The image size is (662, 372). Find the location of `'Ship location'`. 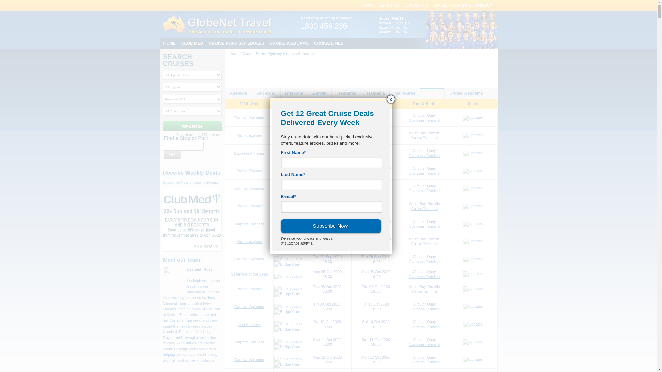

'Ship location' is located at coordinates (288, 341).